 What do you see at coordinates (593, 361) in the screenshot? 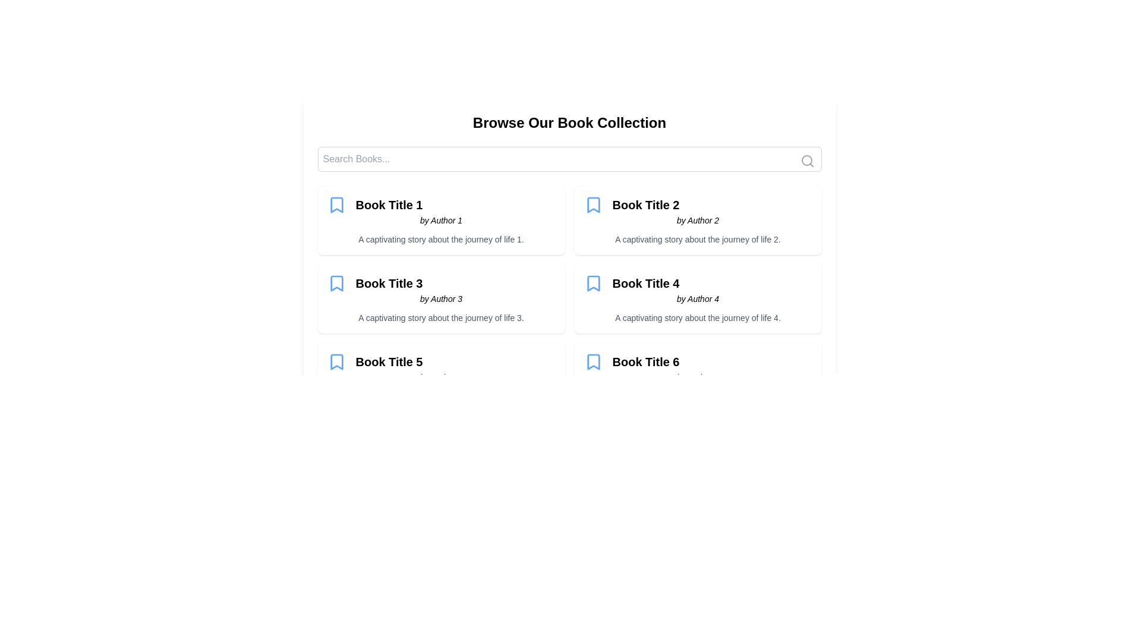
I see `the bookmark icon located to the left of 'Book Title 6' in the lower-right section of the book listings to bookmark the item` at bounding box center [593, 361].